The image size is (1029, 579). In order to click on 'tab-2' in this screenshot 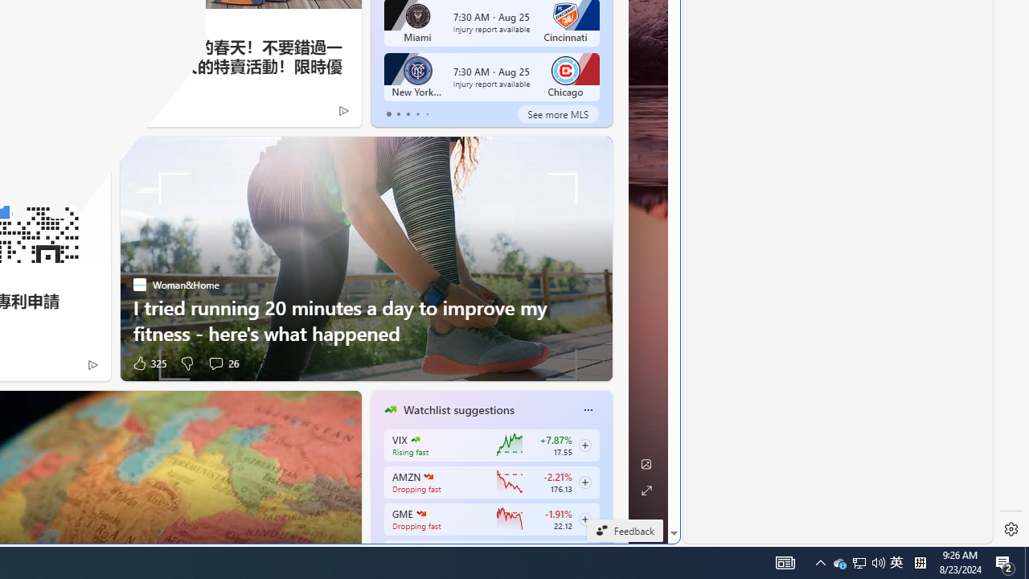, I will do `click(408, 113)`.